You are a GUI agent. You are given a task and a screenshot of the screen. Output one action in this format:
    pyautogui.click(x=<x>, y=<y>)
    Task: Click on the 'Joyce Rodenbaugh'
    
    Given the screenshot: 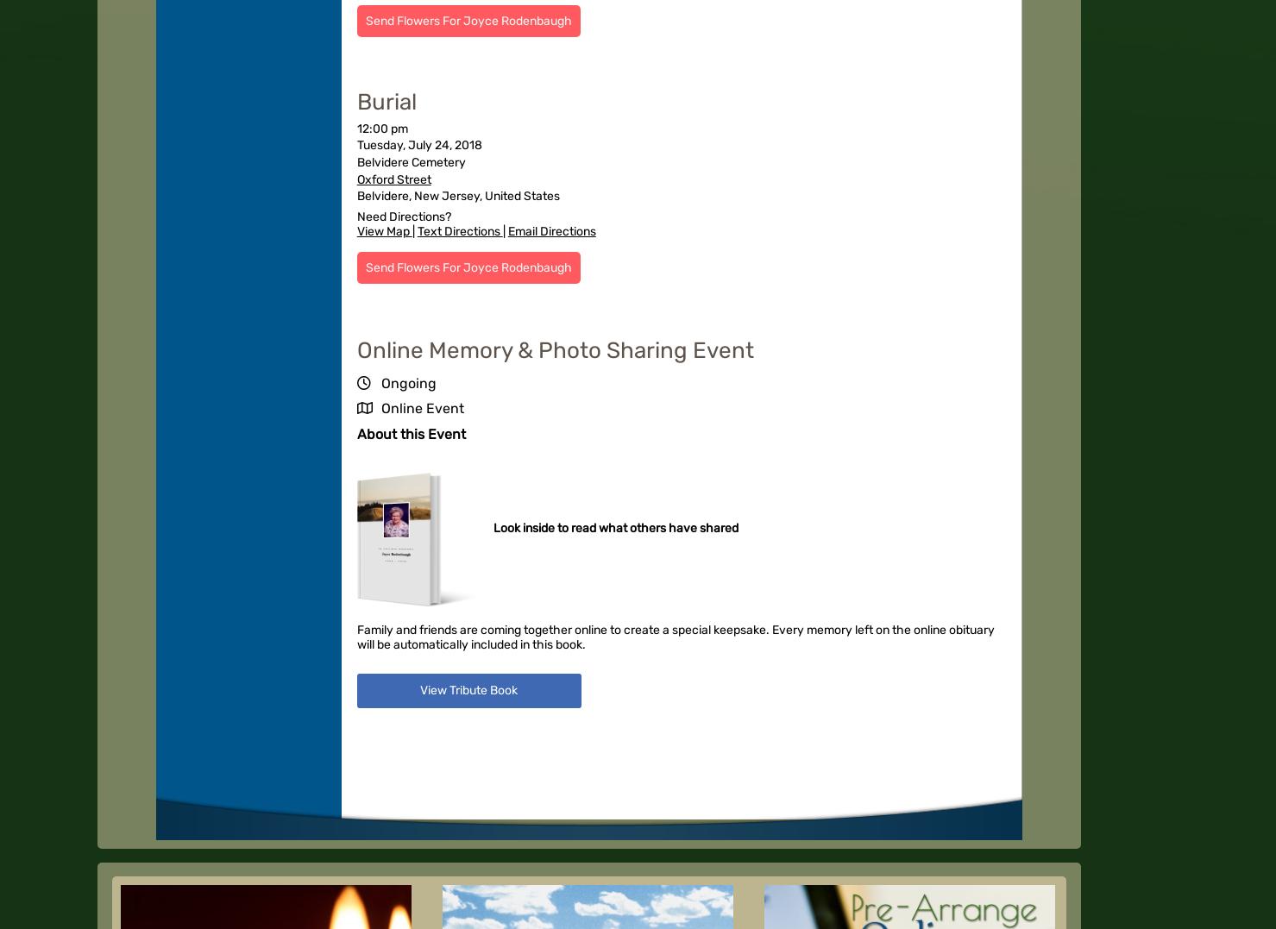 What is the action you would take?
    pyautogui.click(x=394, y=553)
    